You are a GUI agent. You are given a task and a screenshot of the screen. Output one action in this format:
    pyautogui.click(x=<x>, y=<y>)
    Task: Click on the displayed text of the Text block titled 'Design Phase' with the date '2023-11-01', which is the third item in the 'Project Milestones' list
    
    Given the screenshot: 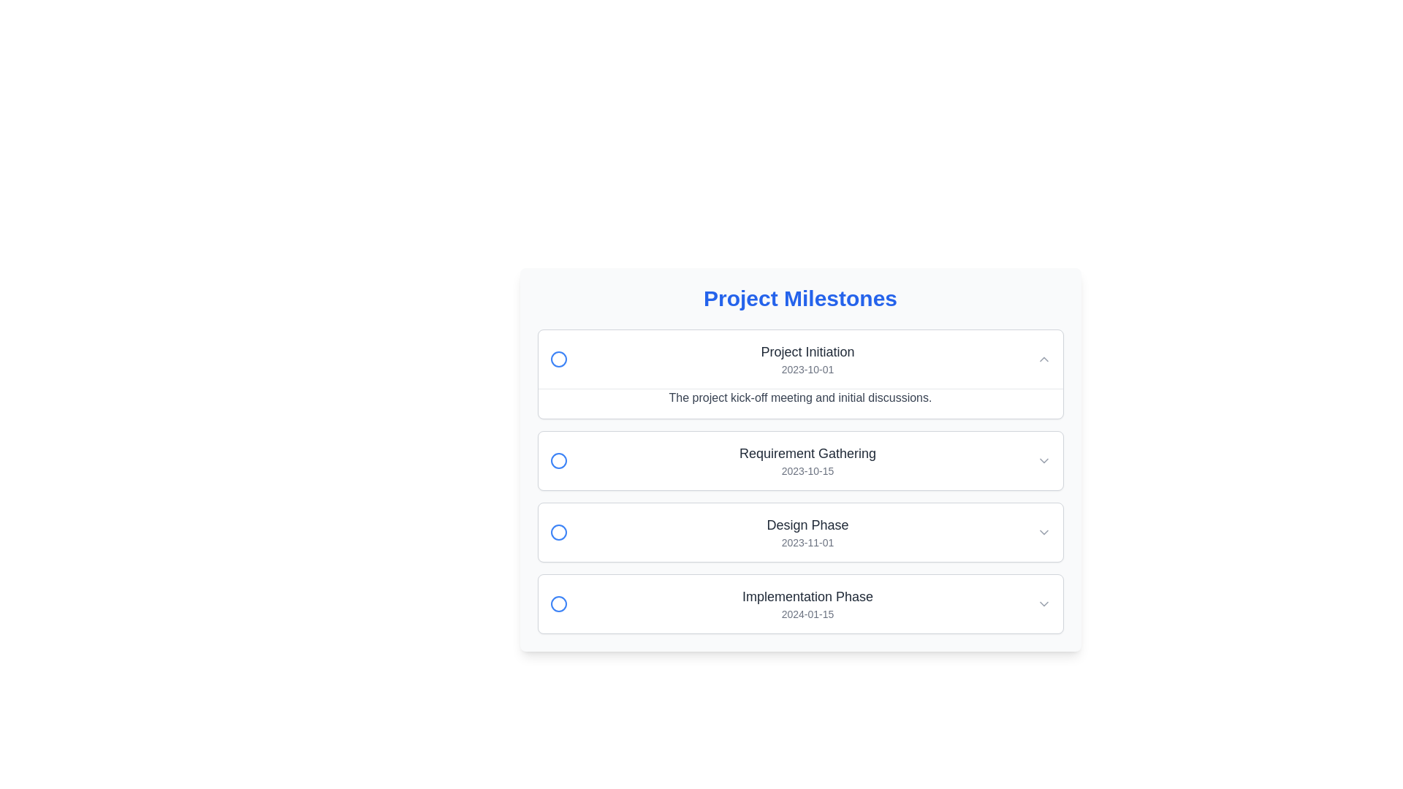 What is the action you would take?
    pyautogui.click(x=807, y=533)
    